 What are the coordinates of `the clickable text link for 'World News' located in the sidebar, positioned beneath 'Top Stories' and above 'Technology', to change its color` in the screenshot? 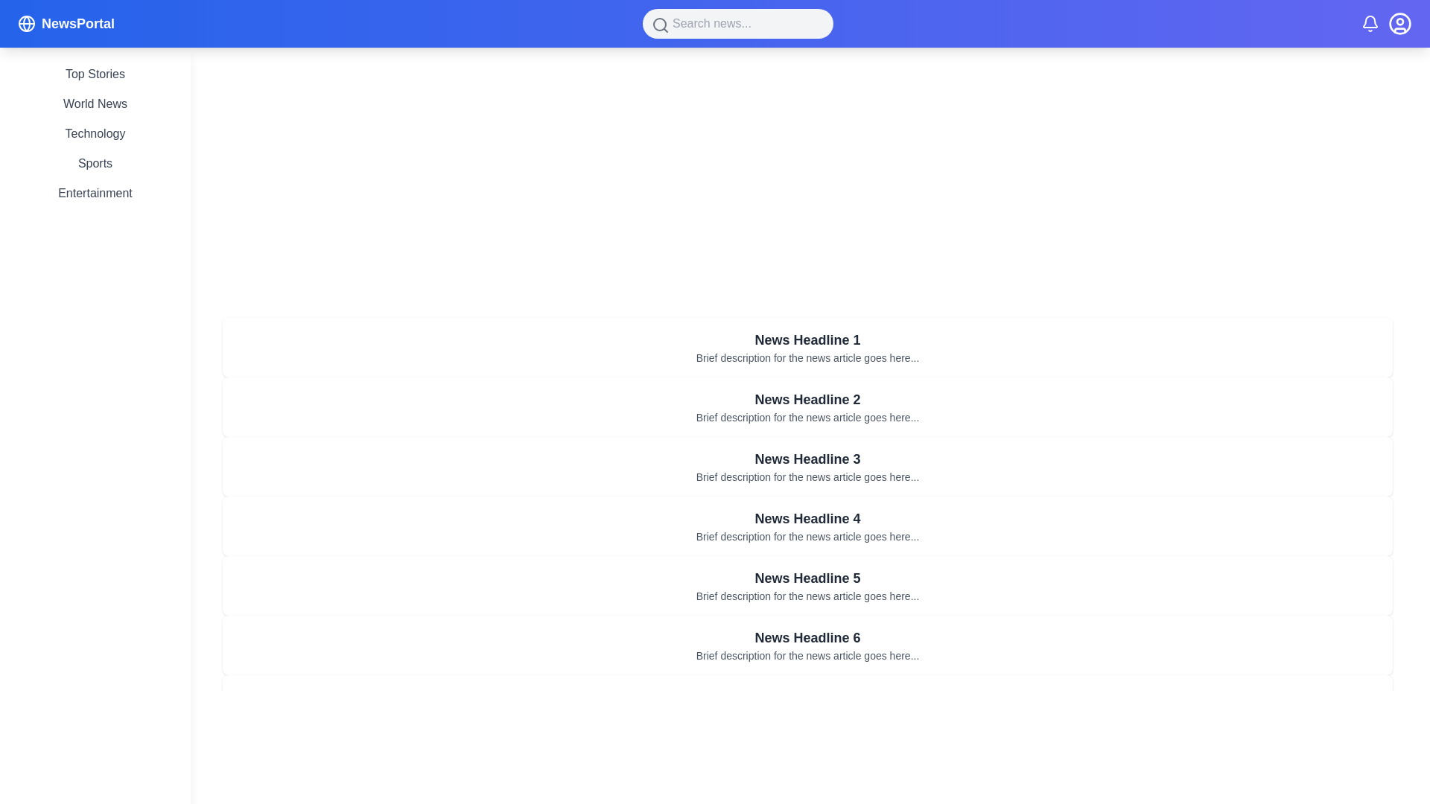 It's located at (95, 103).